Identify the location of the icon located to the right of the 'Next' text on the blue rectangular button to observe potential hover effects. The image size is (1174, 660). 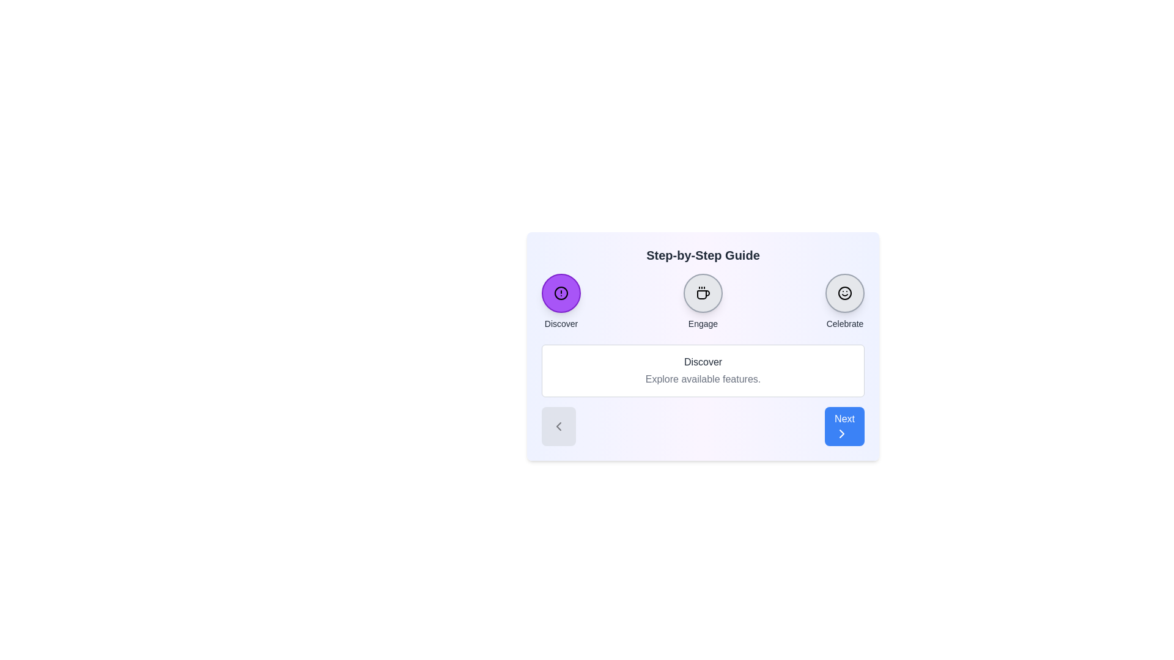
(841, 433).